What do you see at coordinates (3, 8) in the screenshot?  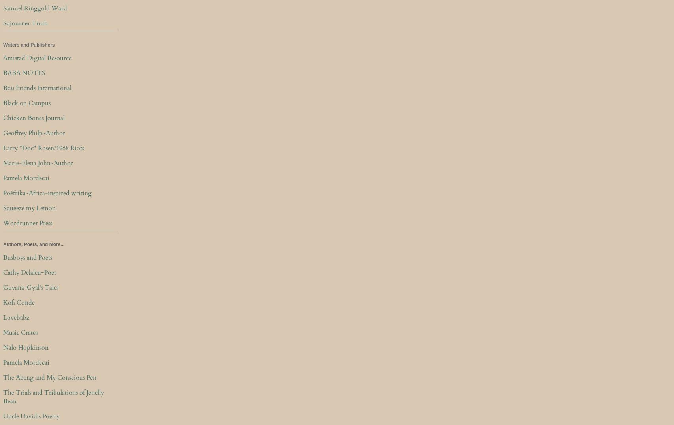 I see `'Samuel Ringgold Ward'` at bounding box center [3, 8].